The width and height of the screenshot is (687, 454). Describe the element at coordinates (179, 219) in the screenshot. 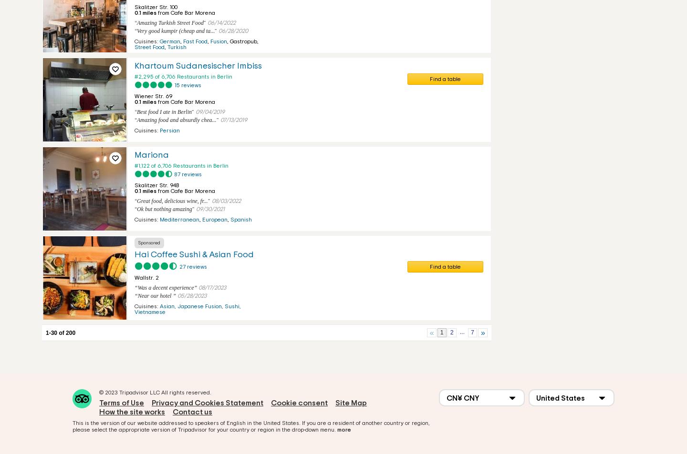

I see `'Mediterranean'` at that location.